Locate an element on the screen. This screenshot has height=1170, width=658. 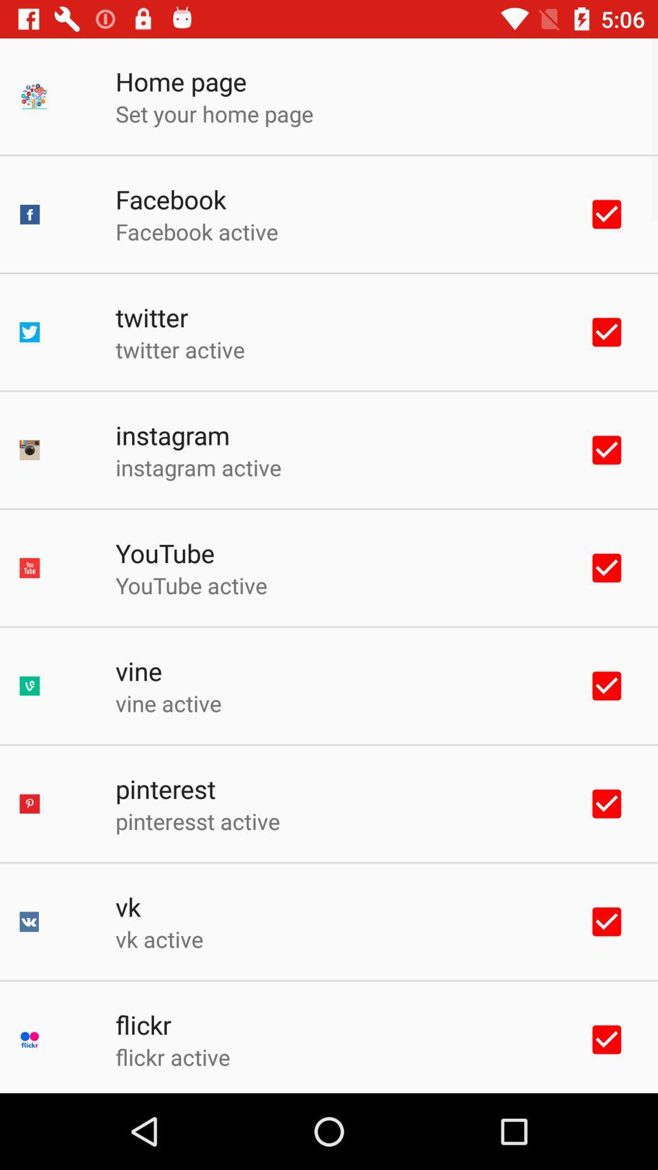
app below the facebook item is located at coordinates (196, 232).